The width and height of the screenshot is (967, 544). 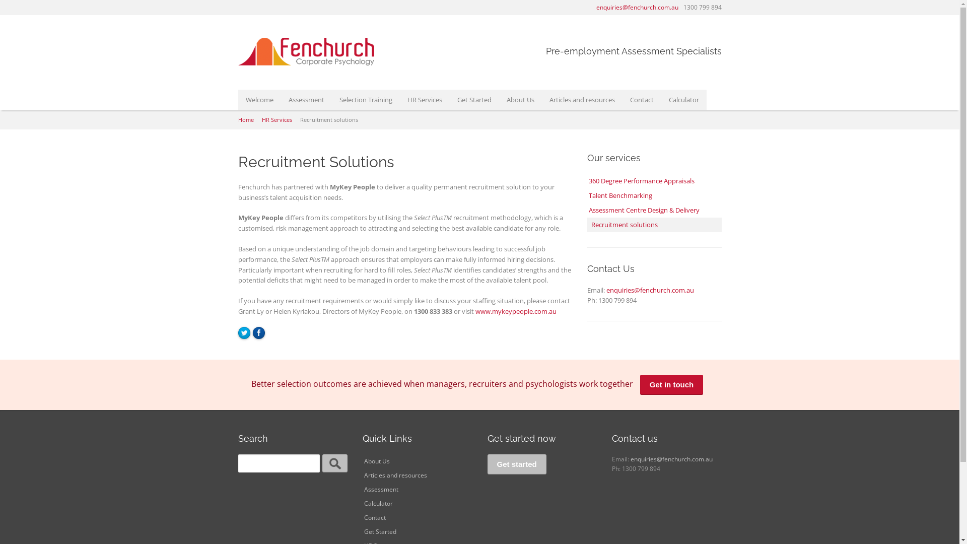 What do you see at coordinates (637, 7) in the screenshot?
I see `'enquiries@fenchurch.com.au'` at bounding box center [637, 7].